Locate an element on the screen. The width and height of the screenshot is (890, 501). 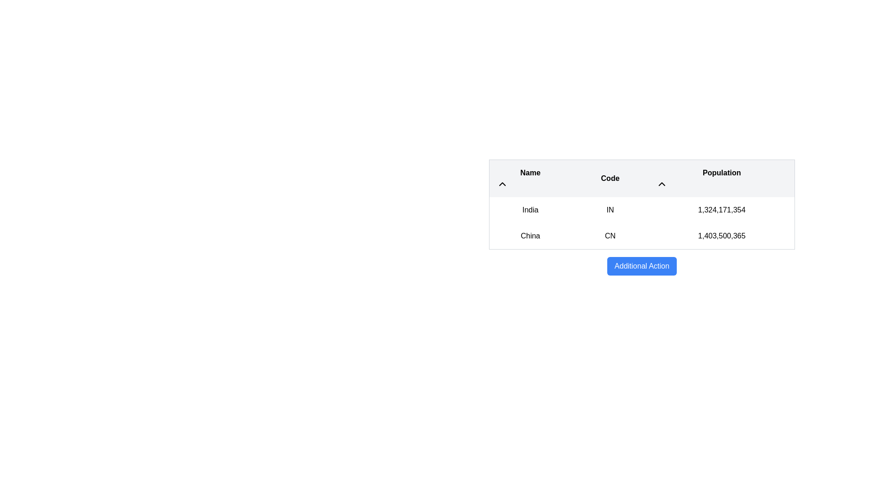
the blue button with white text labeled 'Additional Action' located underneath the population data table is located at coordinates (642, 266).